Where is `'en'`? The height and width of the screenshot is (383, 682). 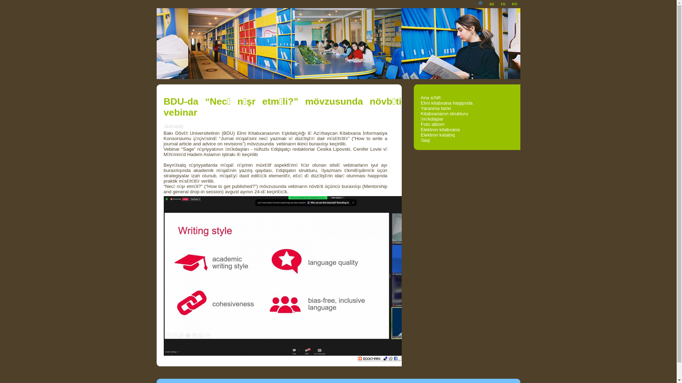
'en' is located at coordinates (508, 2).